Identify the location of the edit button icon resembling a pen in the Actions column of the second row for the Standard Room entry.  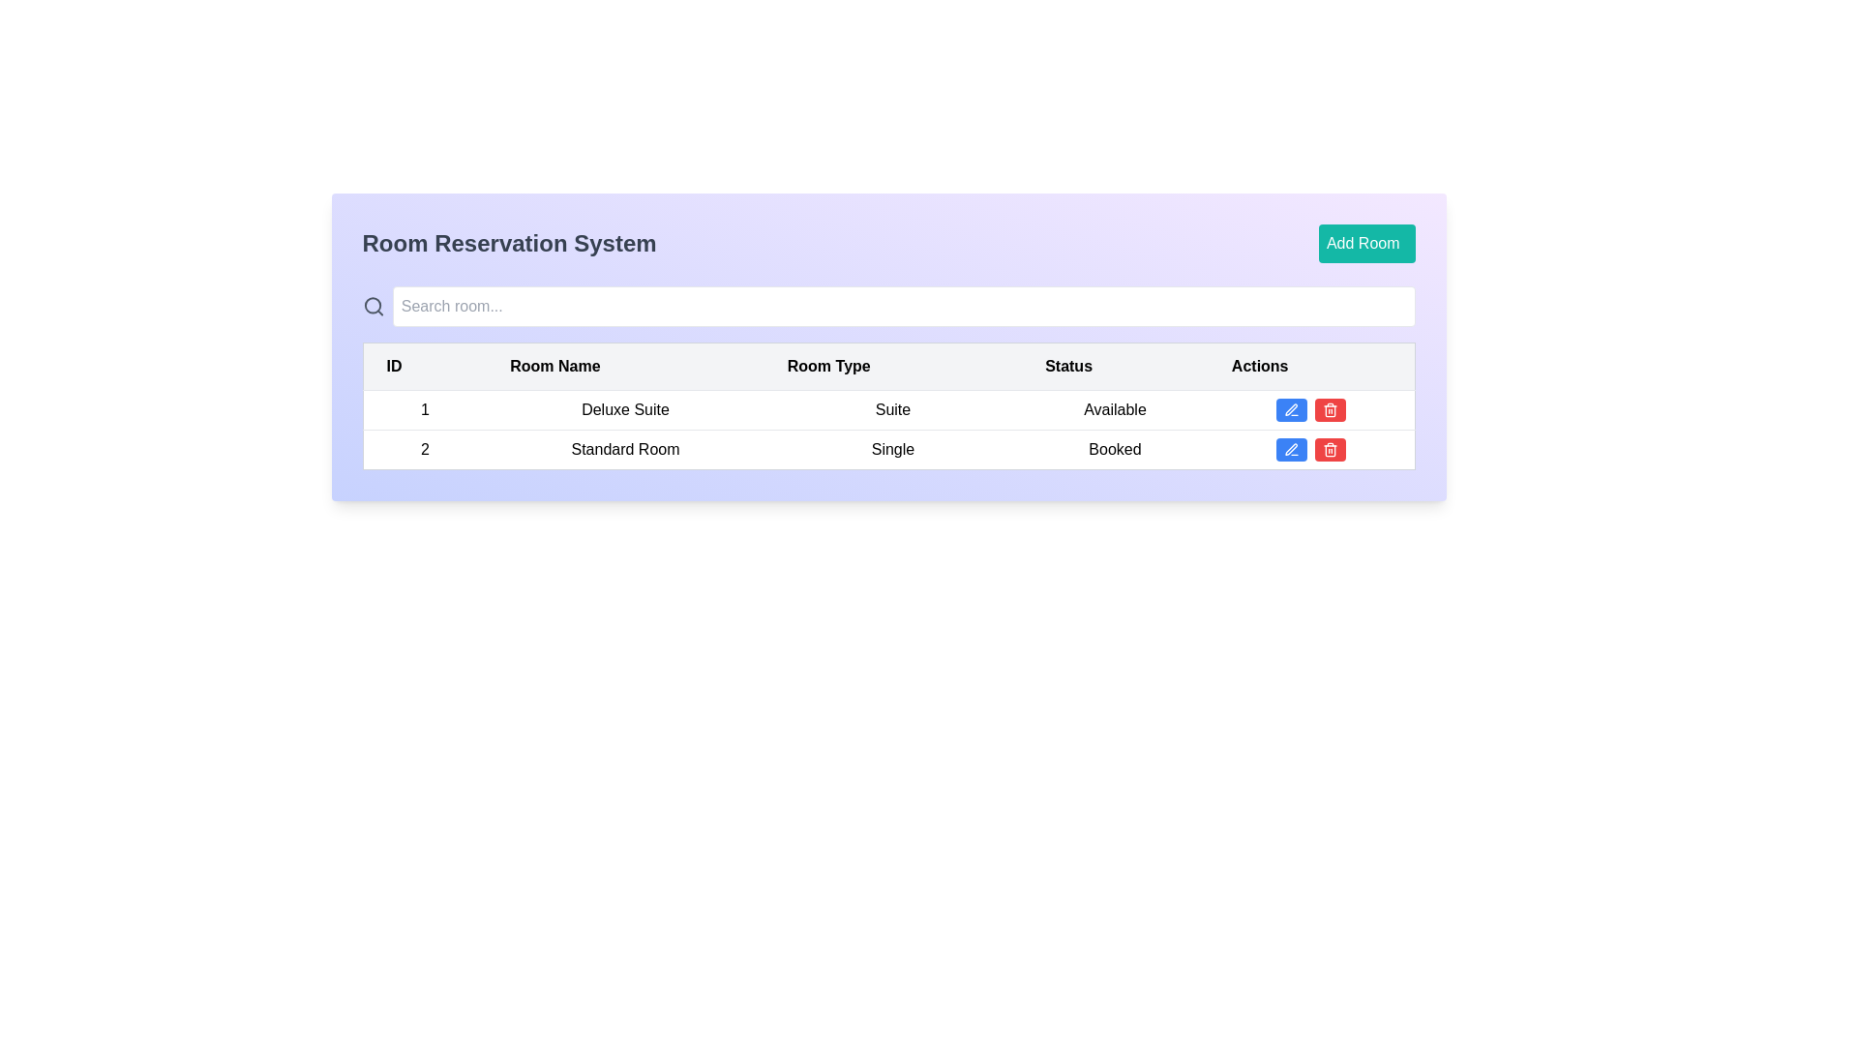
(1291, 449).